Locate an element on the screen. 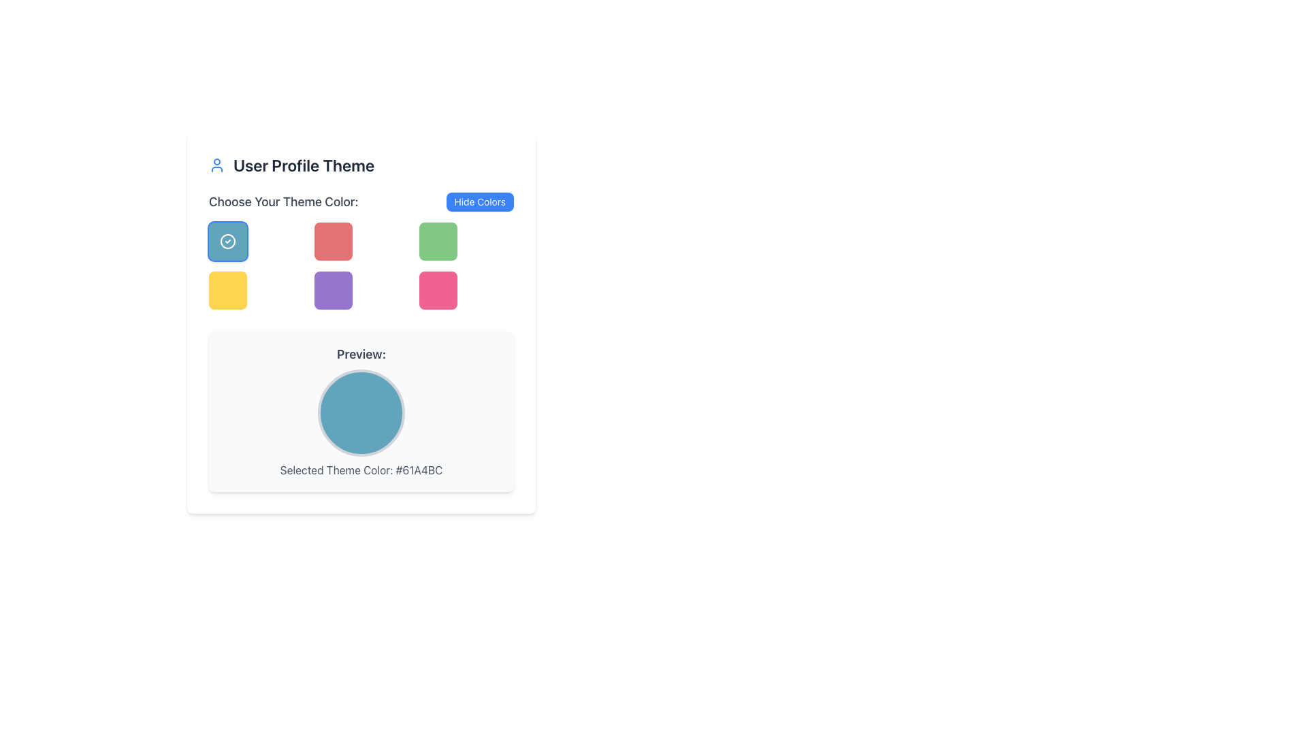 The height and width of the screenshot is (735, 1307). SVG attributes of the circular structure that is part of the first theme color option, located at the center of the SVG graphic near the 'Choose Your Theme Color' heading is located at coordinates (228, 240).